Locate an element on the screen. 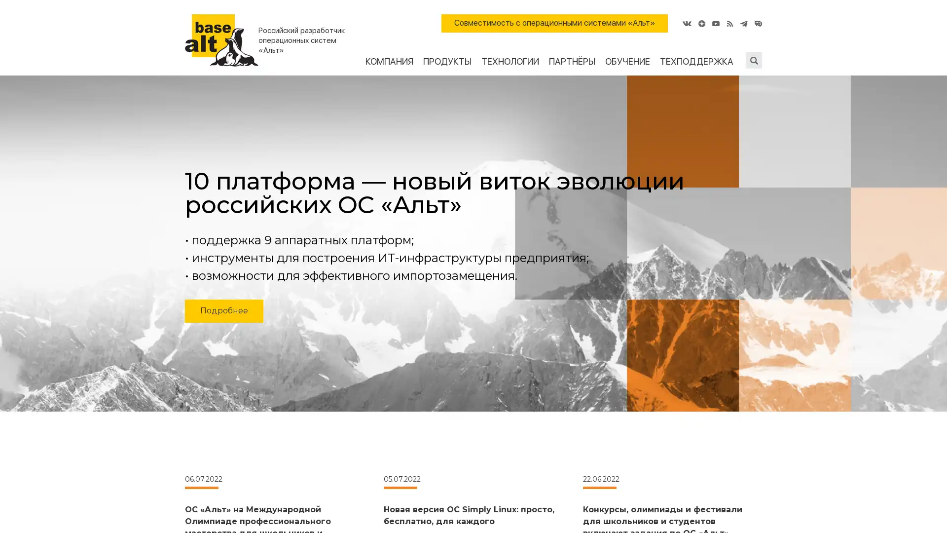  Submit is located at coordinates (753, 60).